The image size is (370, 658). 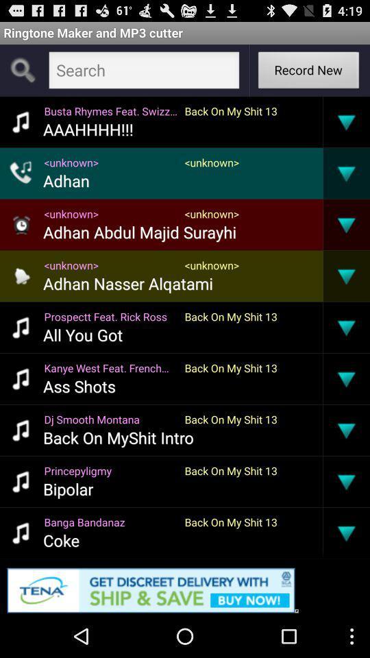 What do you see at coordinates (323, 481) in the screenshot?
I see `the item to the right of back on my` at bounding box center [323, 481].